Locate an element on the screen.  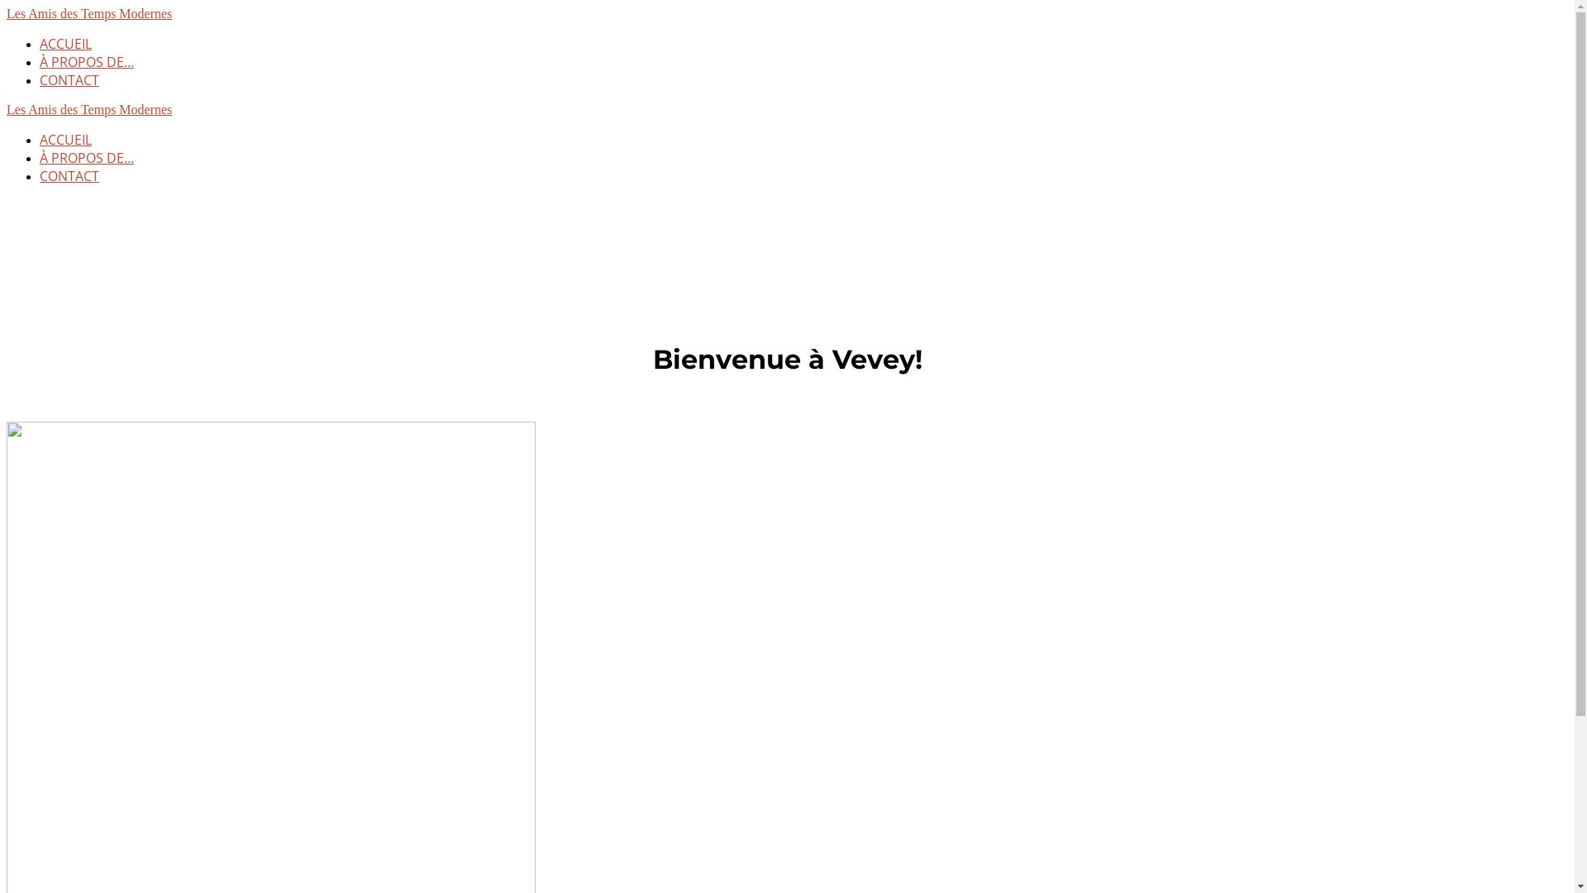
'ACCUEIL' is located at coordinates (65, 43).